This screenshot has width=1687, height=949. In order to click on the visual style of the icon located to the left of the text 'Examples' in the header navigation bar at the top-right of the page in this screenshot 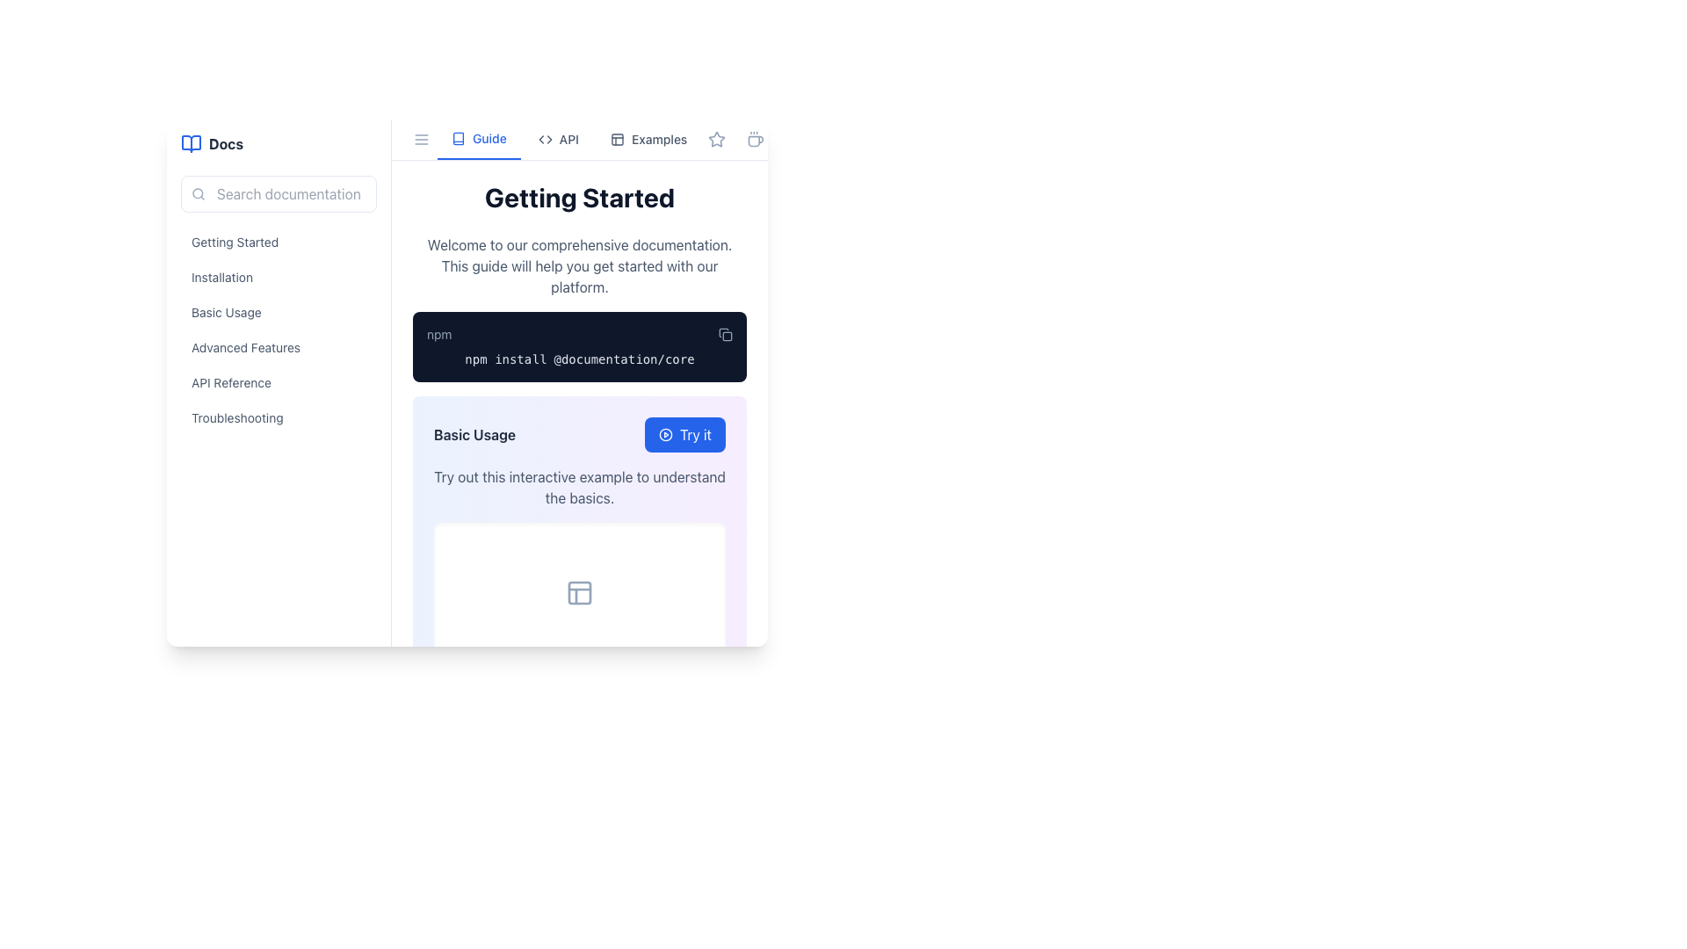, I will do `click(617, 138)`.